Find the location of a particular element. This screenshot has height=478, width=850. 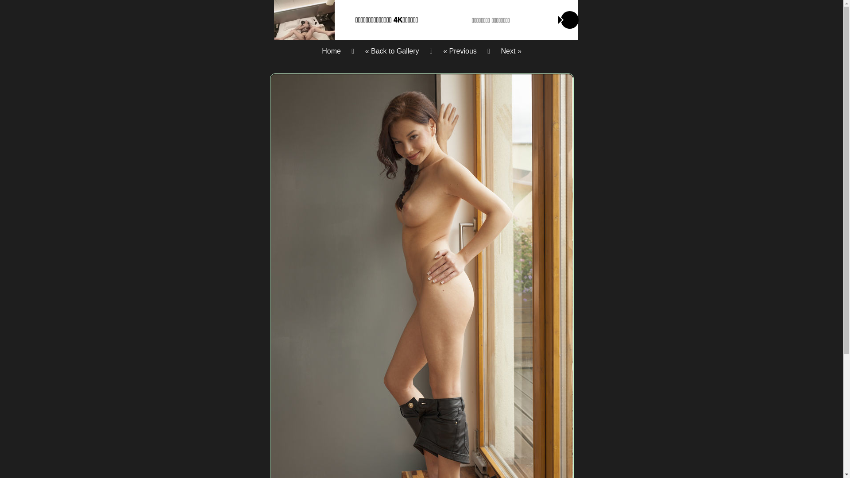

'Home' is located at coordinates (313, 51).